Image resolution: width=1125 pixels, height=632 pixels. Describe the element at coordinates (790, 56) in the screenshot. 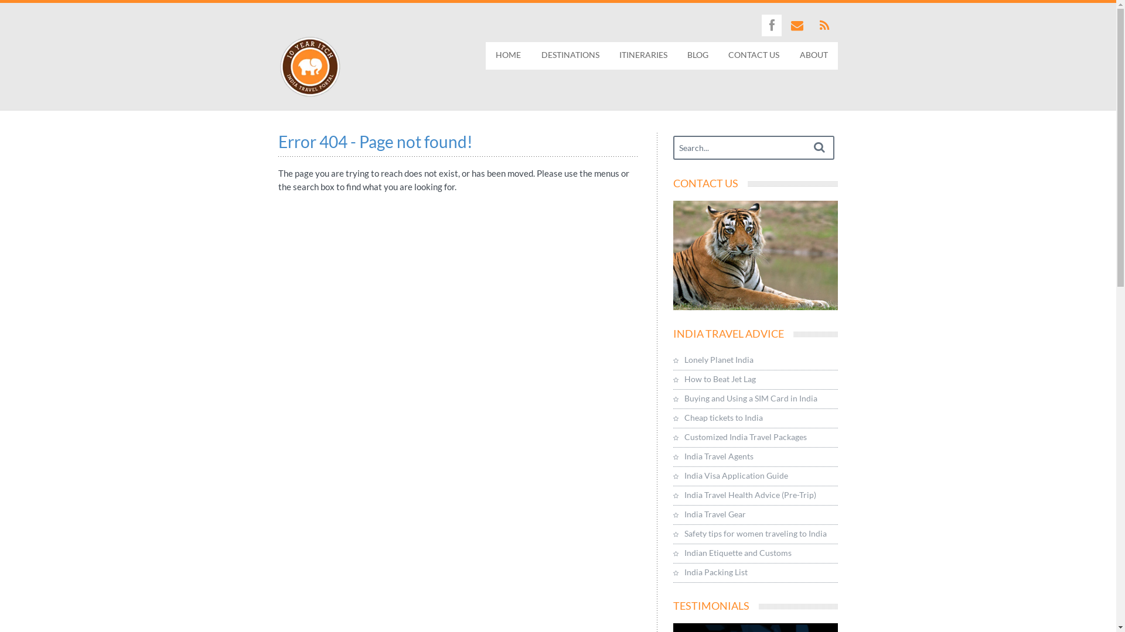

I see `'ABOUT'` at that location.